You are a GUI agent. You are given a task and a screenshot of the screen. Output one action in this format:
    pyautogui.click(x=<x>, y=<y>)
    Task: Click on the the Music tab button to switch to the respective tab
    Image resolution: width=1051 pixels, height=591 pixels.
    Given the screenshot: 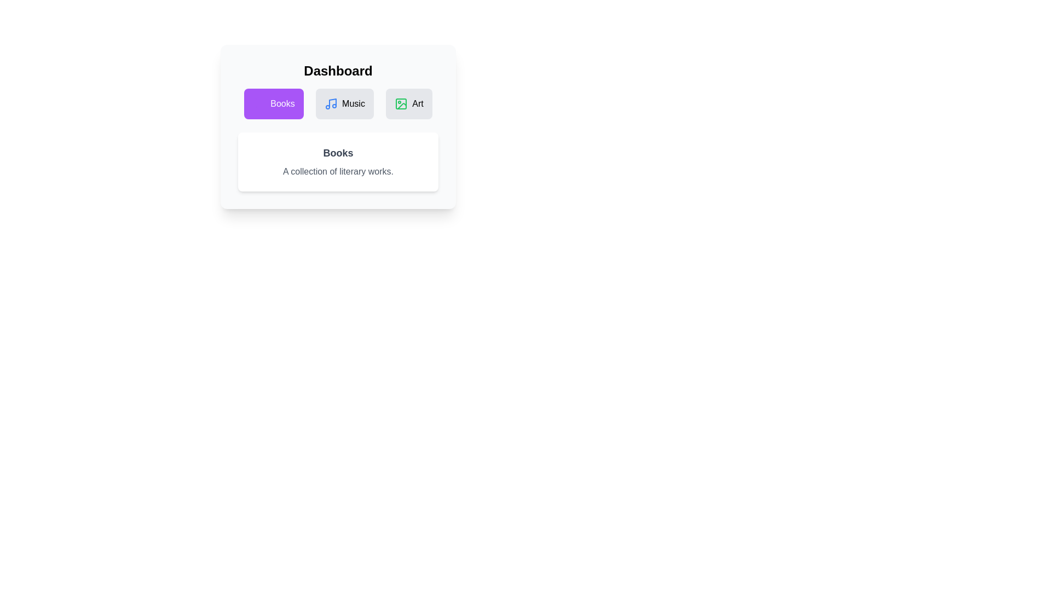 What is the action you would take?
    pyautogui.click(x=344, y=103)
    